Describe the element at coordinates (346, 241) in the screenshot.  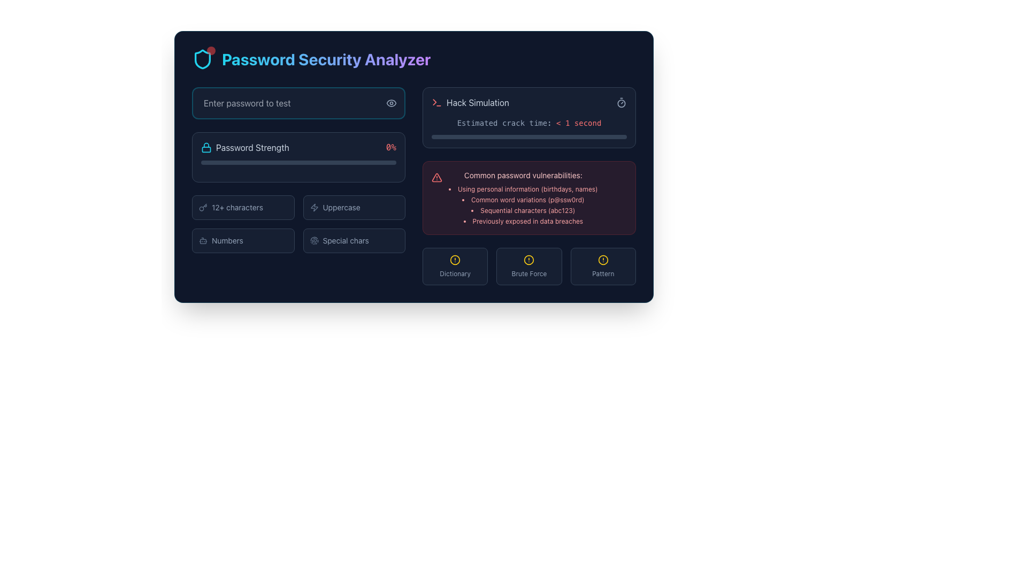
I see `the 'Special chars' text label, which indicates a password requirement criterion, located in the fourth position from the left in the feature options row` at that location.